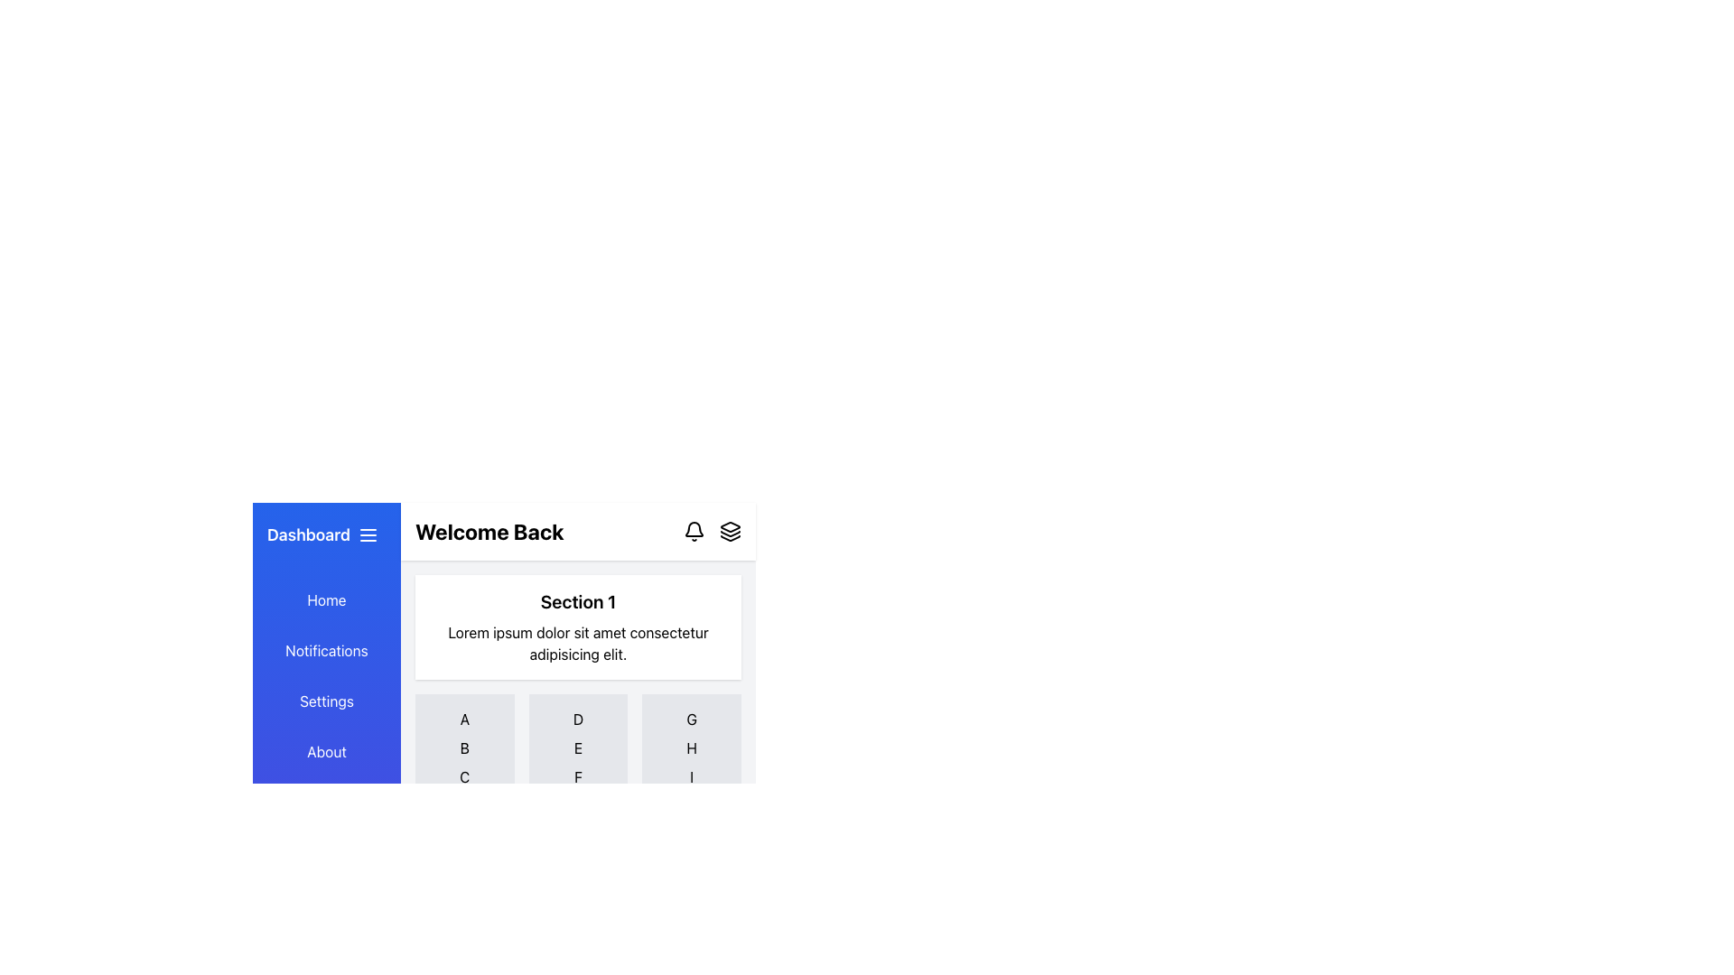  What do you see at coordinates (326, 599) in the screenshot?
I see `the clickable text label for navigation located in the vertical menu, positioned below 'Dashboard' and above 'Notifications'` at bounding box center [326, 599].